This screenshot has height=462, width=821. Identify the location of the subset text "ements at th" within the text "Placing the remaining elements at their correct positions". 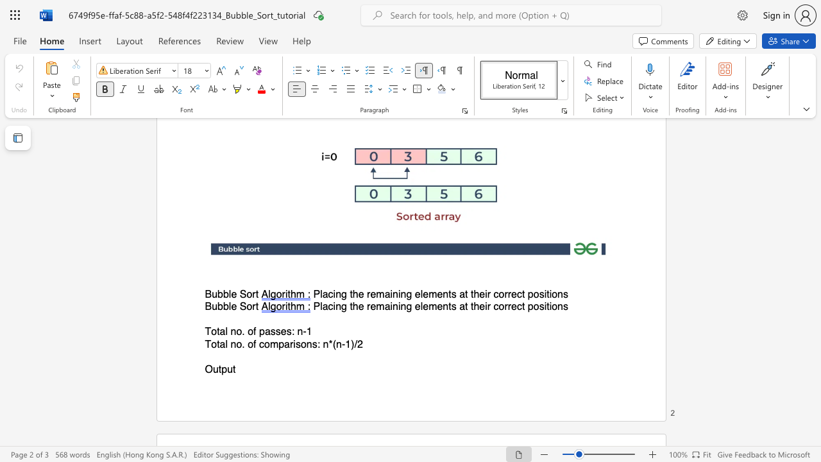
(423, 295).